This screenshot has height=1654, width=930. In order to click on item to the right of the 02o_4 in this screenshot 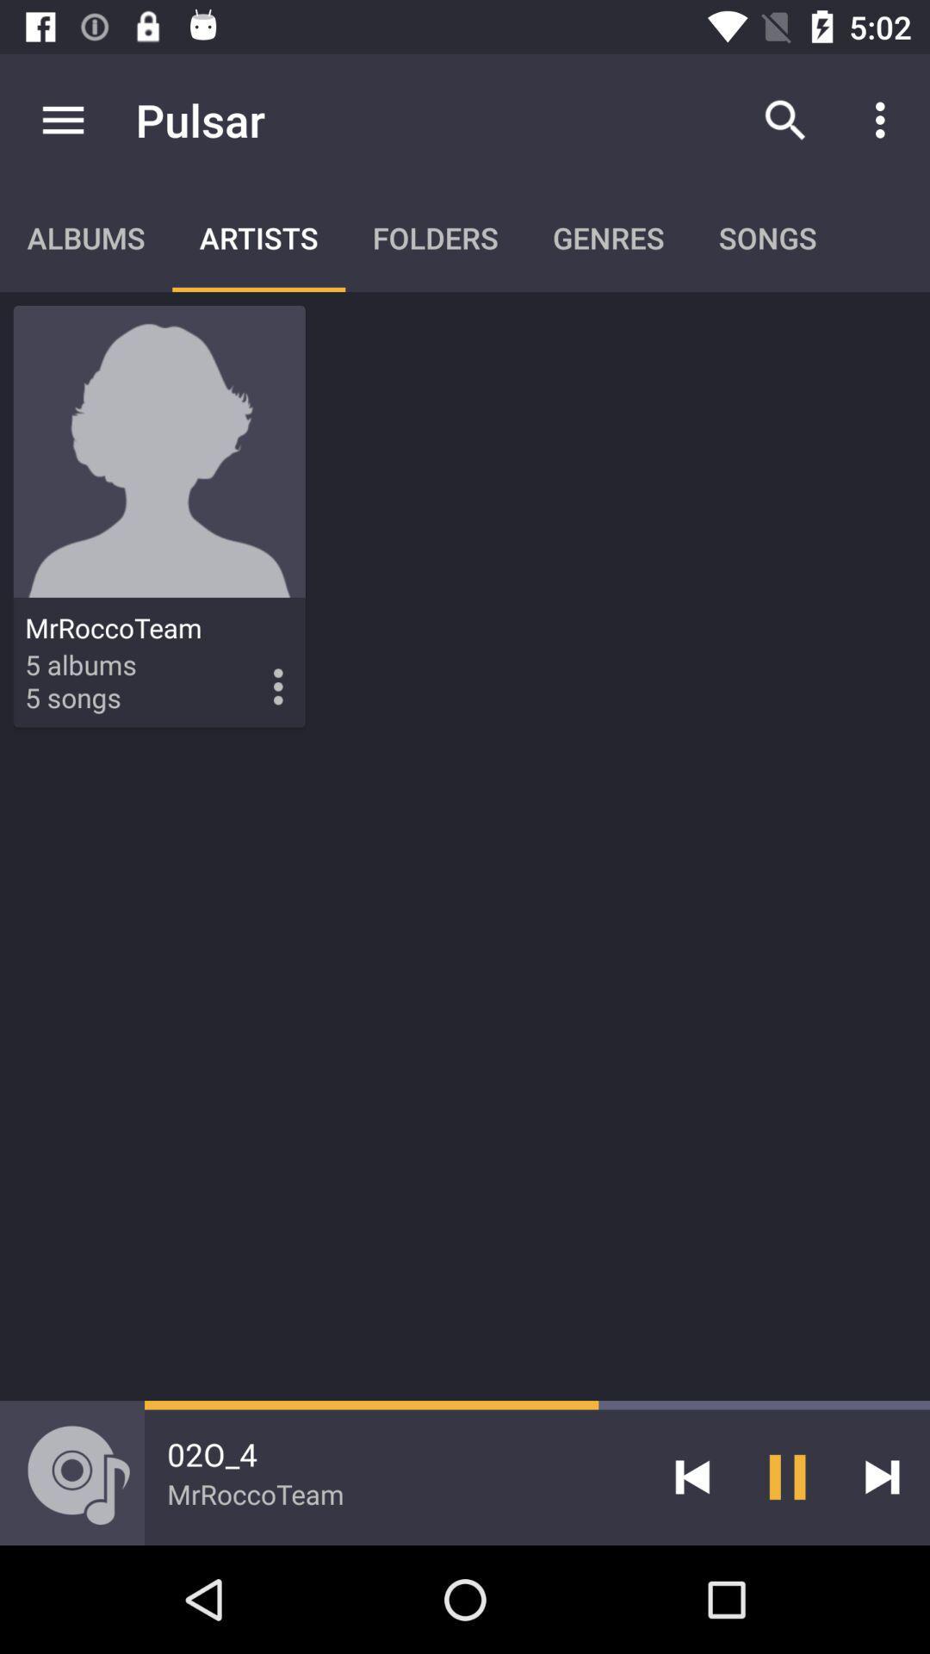, I will do `click(691, 1476)`.